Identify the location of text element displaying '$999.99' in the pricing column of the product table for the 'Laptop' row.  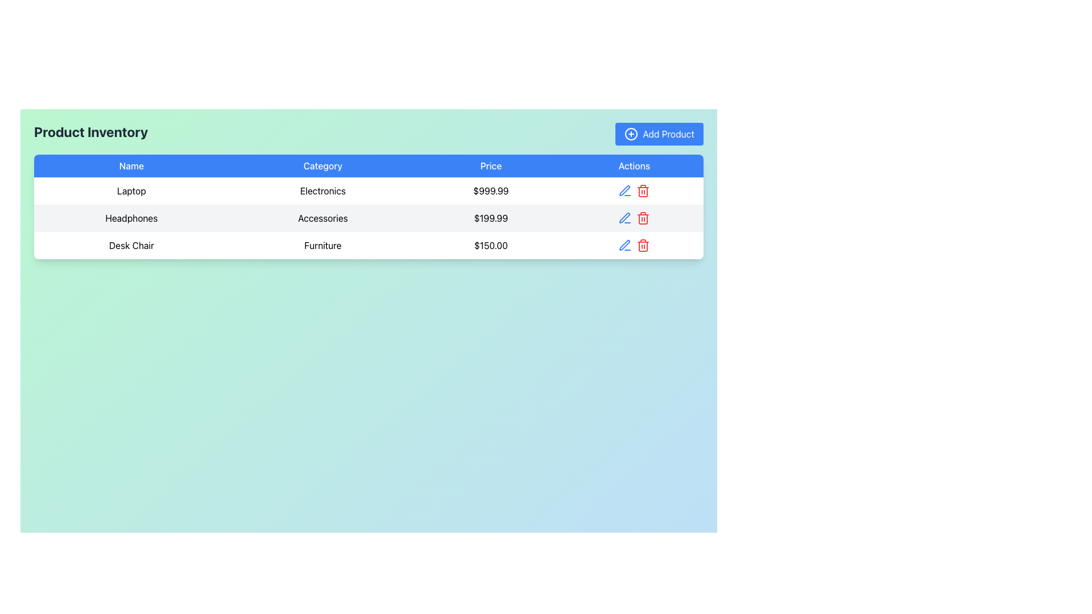
(491, 190).